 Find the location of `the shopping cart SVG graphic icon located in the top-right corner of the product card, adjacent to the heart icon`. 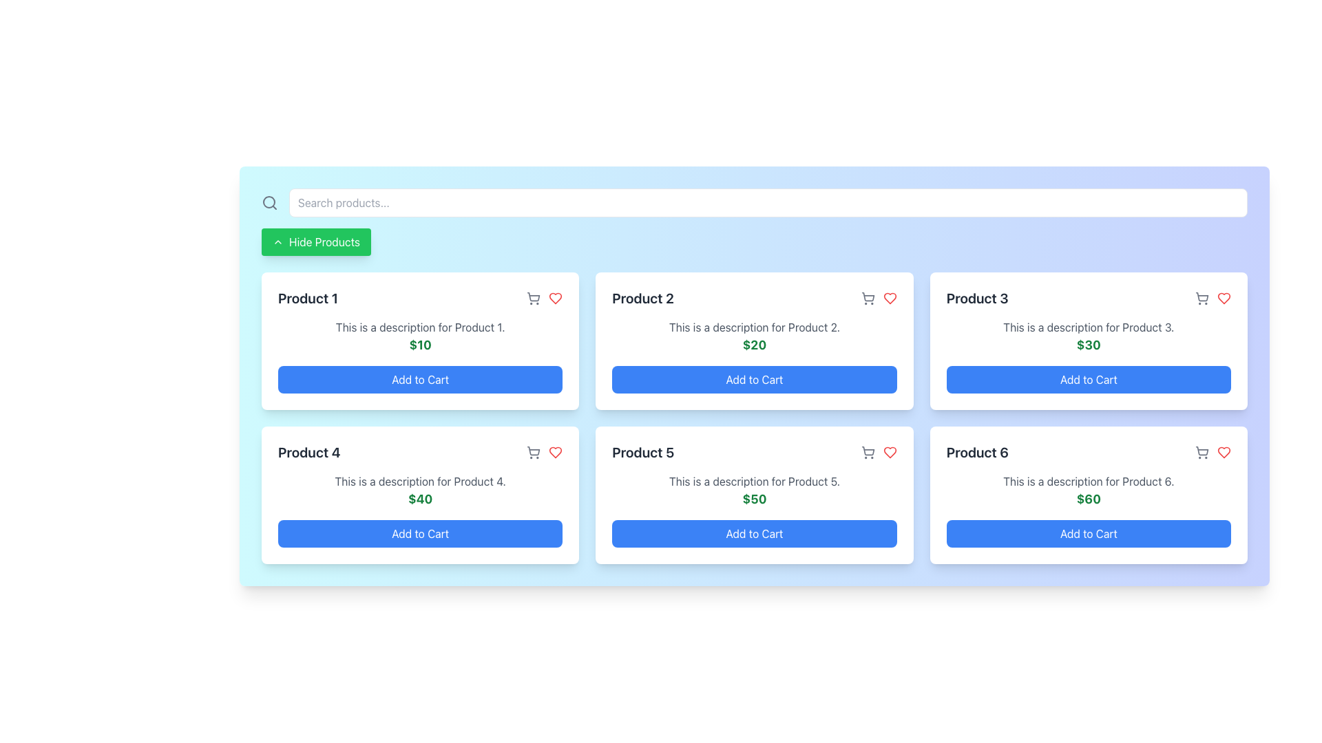

the shopping cart SVG graphic icon located in the top-right corner of the product card, adjacent to the heart icon is located at coordinates (533, 451).